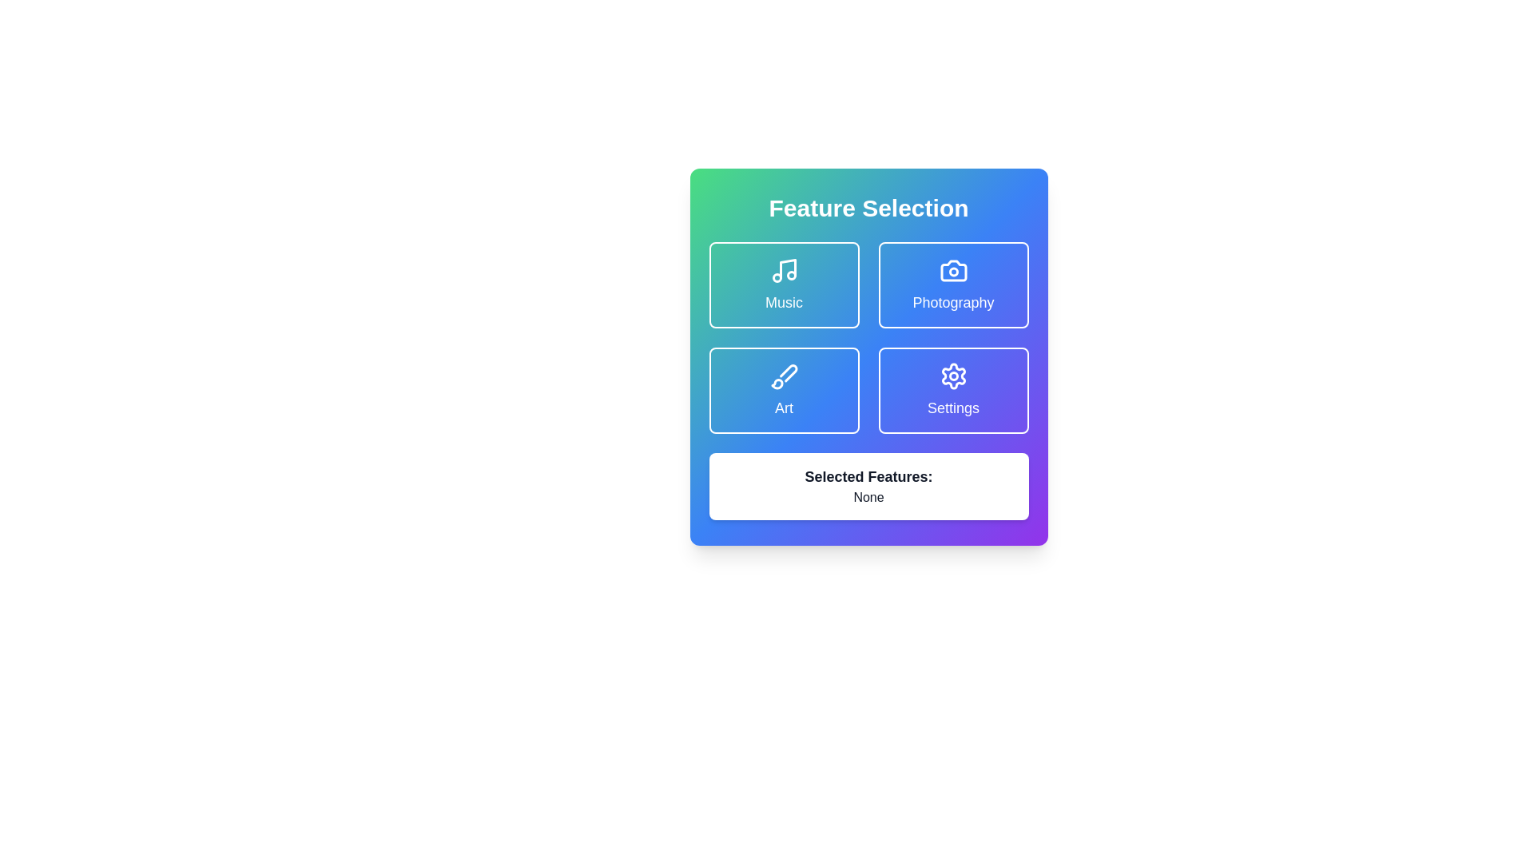 This screenshot has height=863, width=1534. I want to click on on the 'Music' button in the grid layout, so click(868, 337).